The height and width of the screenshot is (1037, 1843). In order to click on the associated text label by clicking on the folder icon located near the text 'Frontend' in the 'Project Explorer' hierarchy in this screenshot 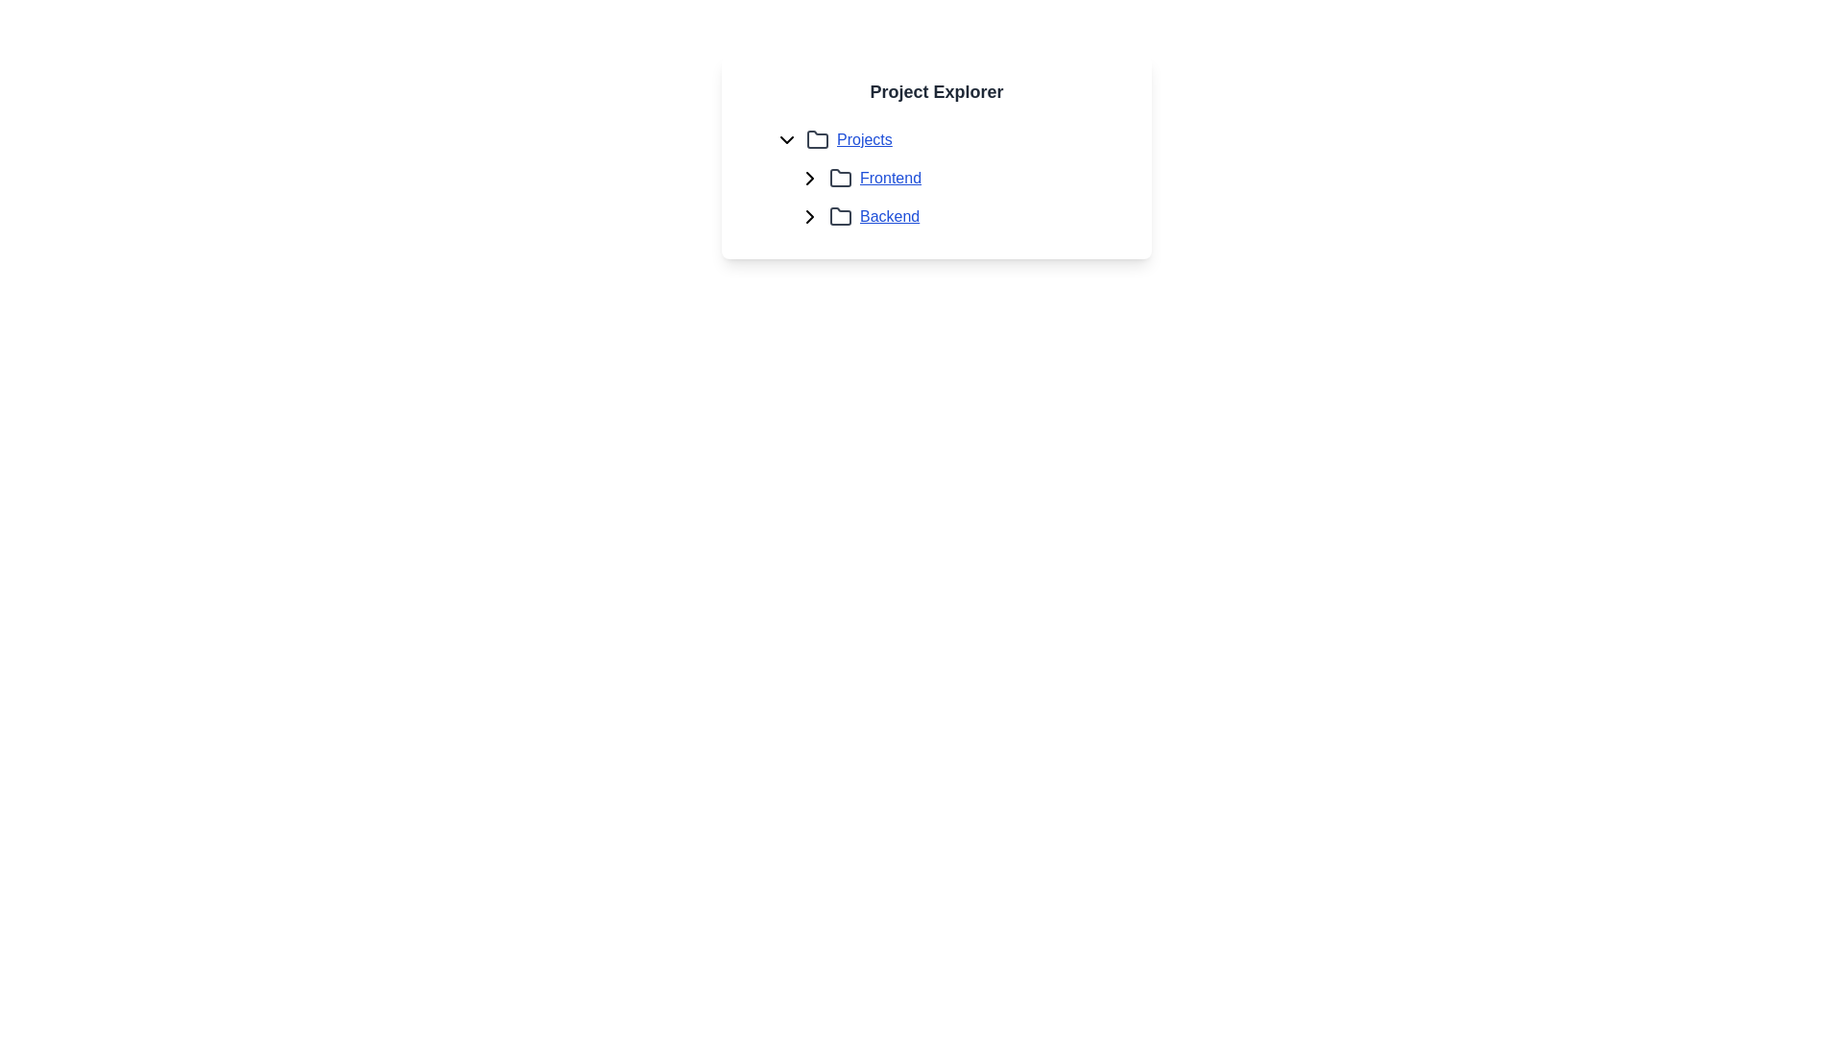, I will do `click(840, 178)`.